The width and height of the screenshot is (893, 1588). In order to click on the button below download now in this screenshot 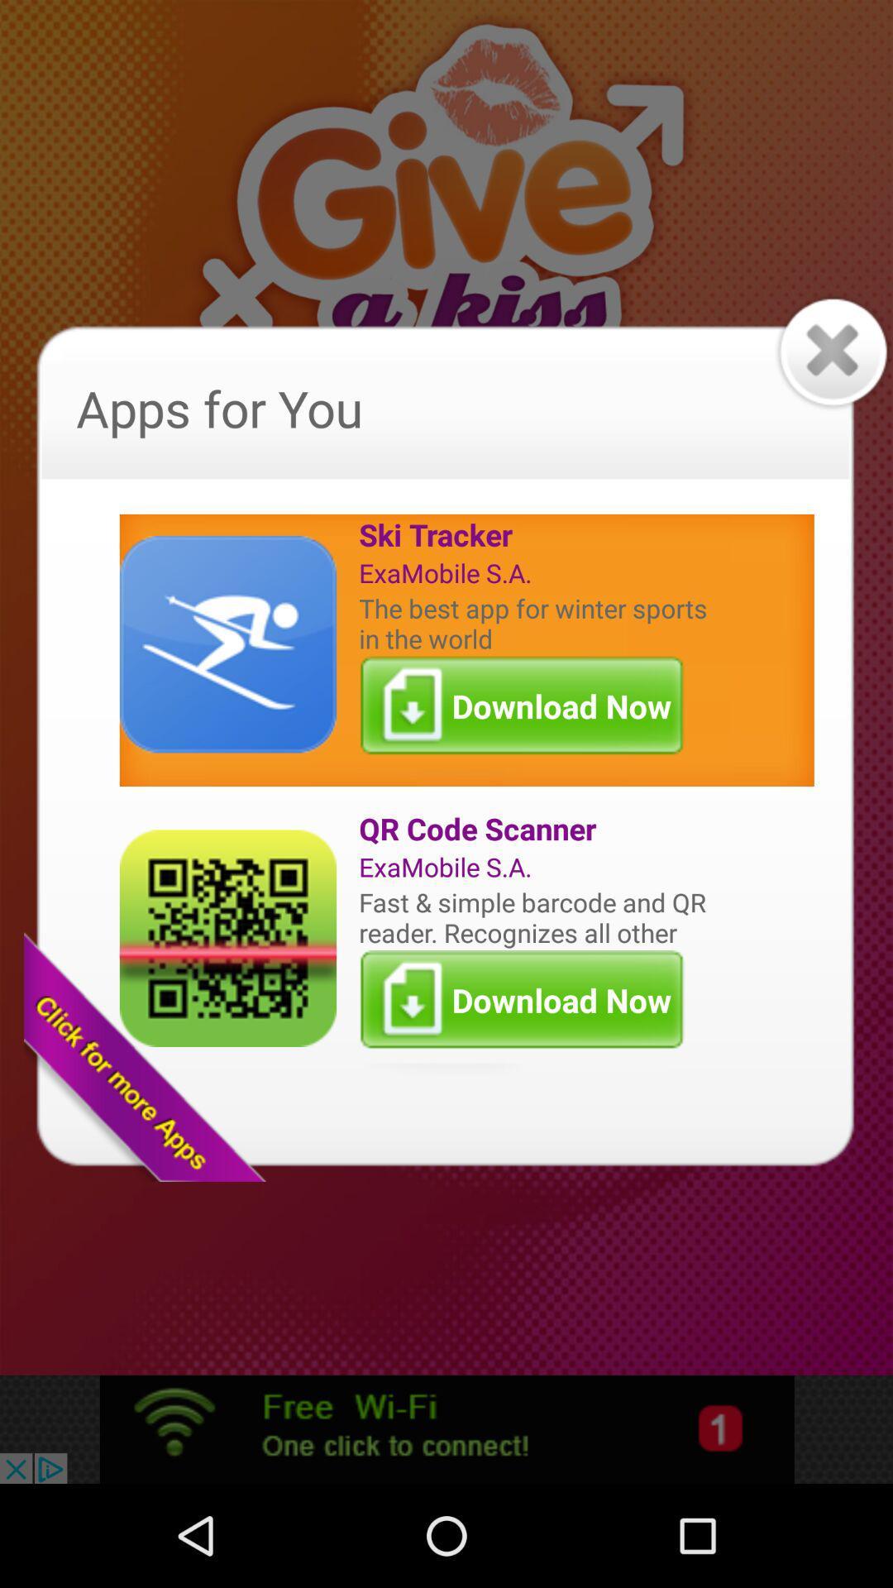, I will do `click(537, 829)`.